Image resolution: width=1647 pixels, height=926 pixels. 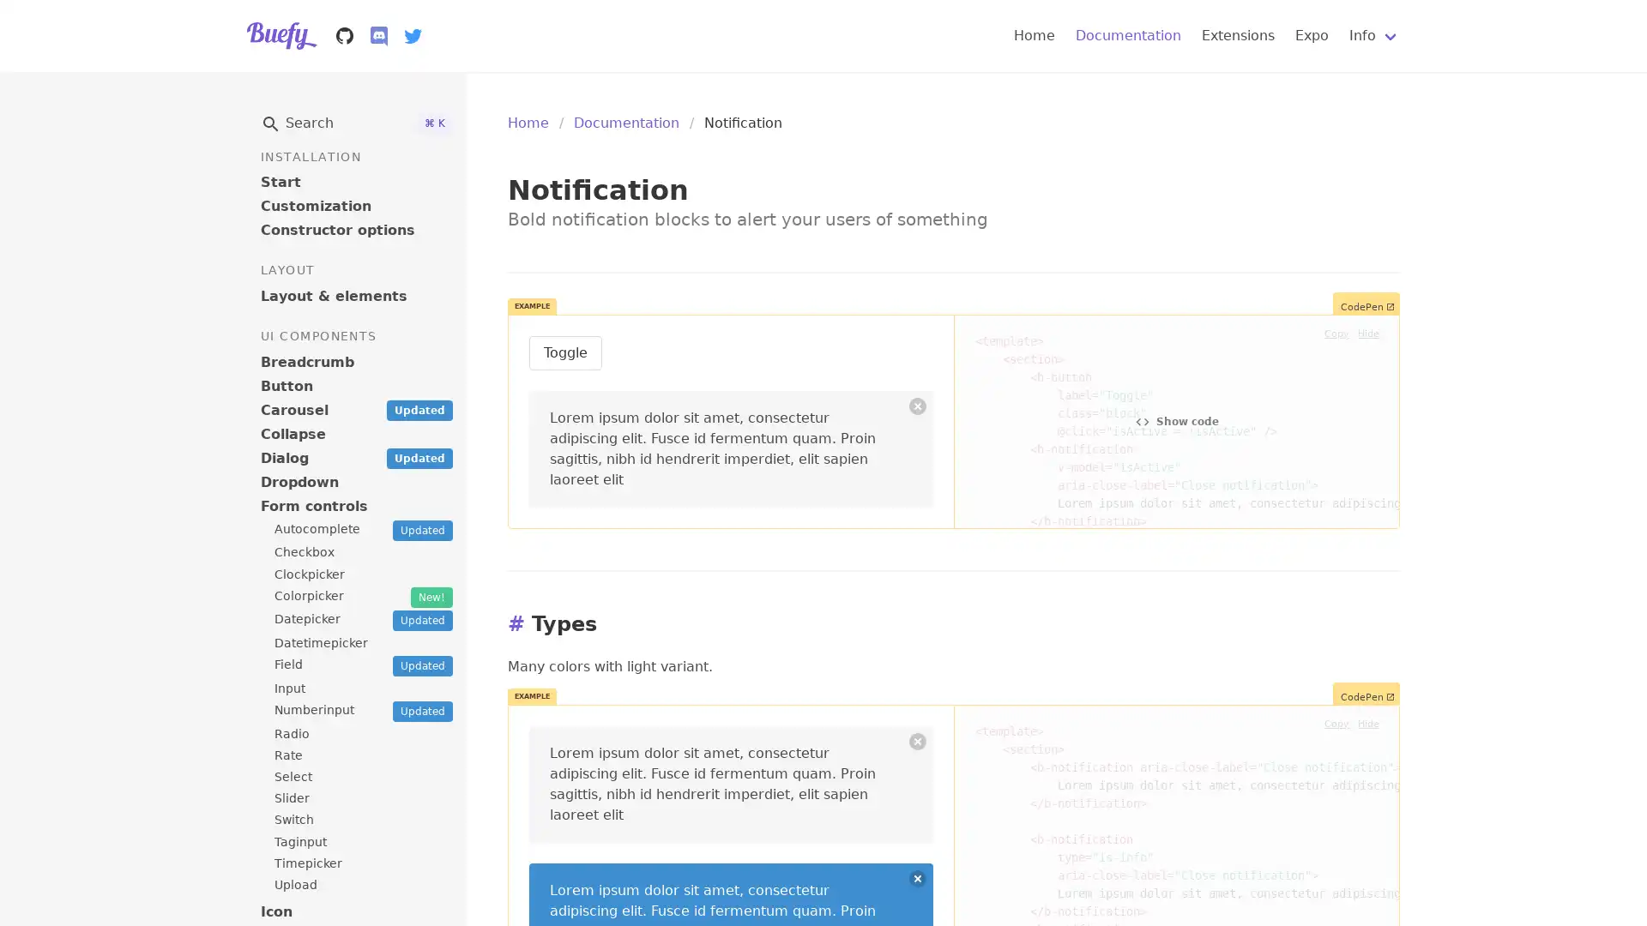 What do you see at coordinates (1367, 330) in the screenshot?
I see `Hide` at bounding box center [1367, 330].